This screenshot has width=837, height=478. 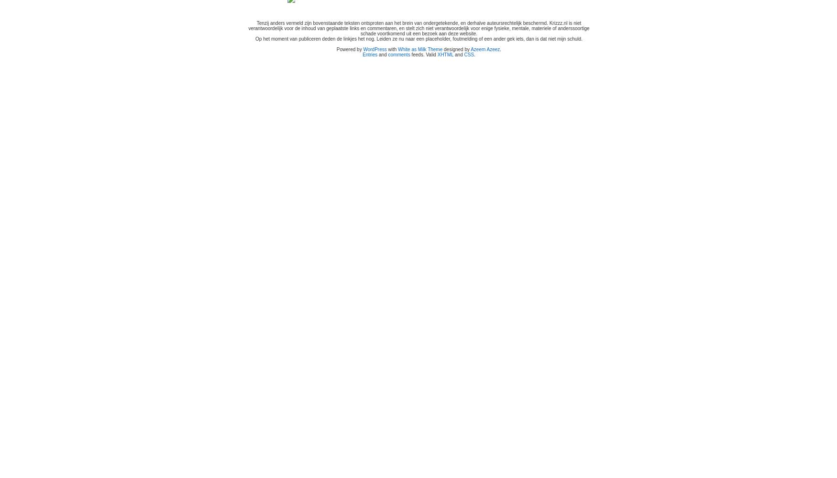 I want to click on 'designed by', so click(x=456, y=49).